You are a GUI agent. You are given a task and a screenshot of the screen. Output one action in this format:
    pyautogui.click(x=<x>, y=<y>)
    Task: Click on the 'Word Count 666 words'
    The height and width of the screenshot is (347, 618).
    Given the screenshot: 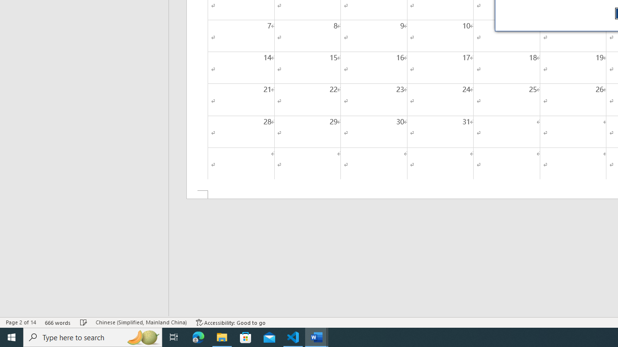 What is the action you would take?
    pyautogui.click(x=57, y=322)
    